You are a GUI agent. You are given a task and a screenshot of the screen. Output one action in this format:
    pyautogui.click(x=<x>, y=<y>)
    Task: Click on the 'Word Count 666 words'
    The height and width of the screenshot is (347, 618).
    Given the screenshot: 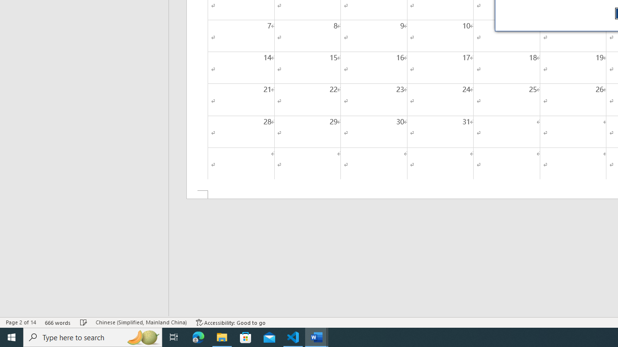 What is the action you would take?
    pyautogui.click(x=57, y=322)
    